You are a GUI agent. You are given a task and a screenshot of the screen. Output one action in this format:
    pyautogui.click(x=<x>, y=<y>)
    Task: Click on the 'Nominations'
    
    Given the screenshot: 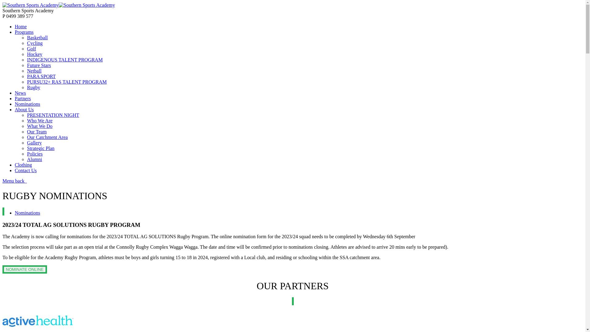 What is the action you would take?
    pyautogui.click(x=27, y=212)
    